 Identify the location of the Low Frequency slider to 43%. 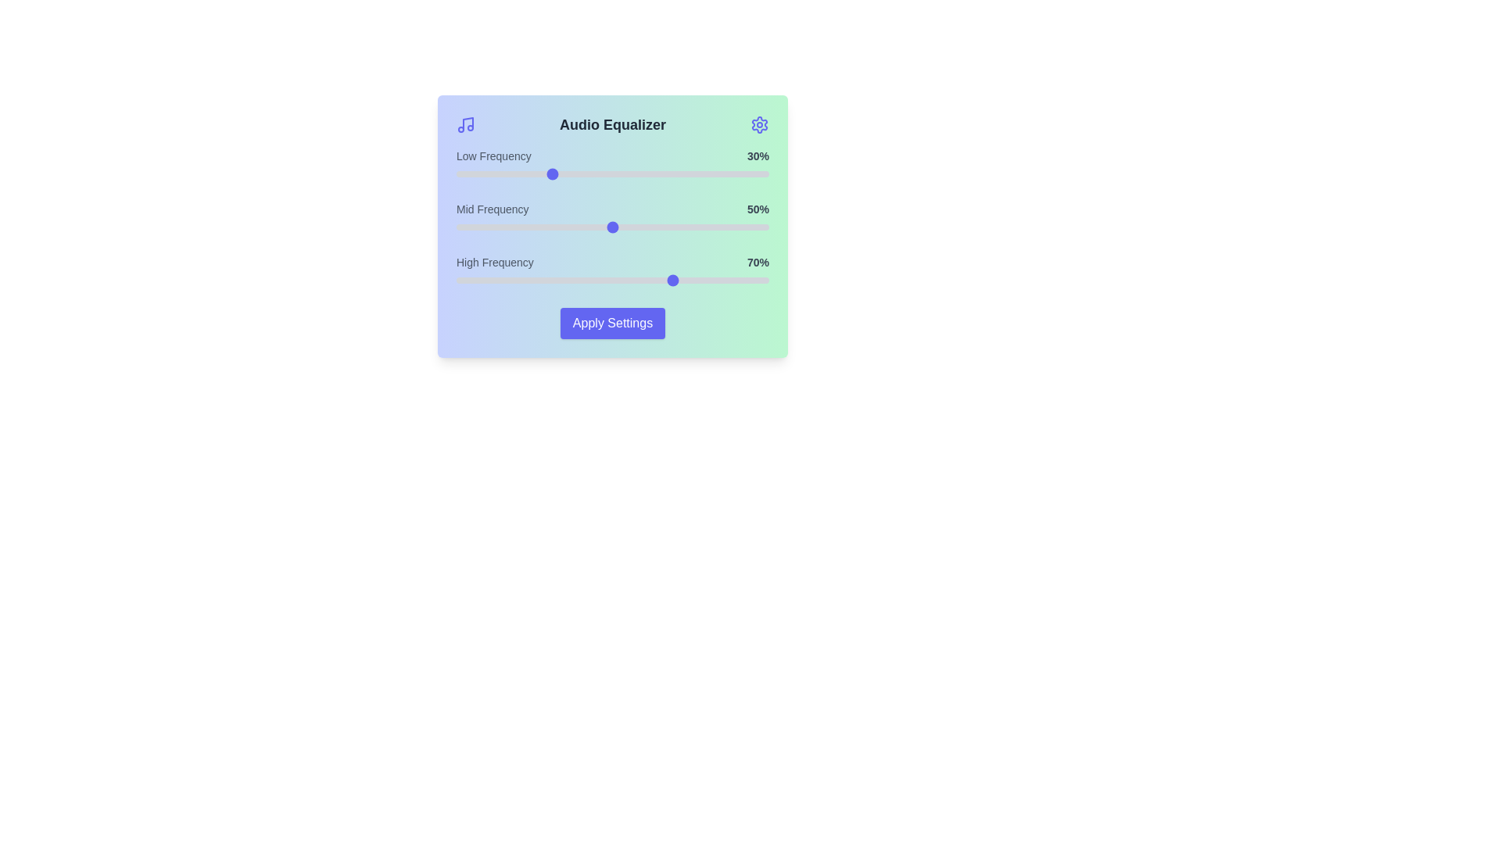
(589, 174).